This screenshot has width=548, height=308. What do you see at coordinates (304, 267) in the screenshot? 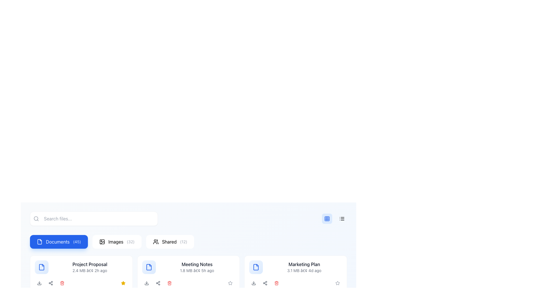
I see `the descriptive text label for the file titled 'Marketing Plan', which is the third card in a horizontal list, positioned to the right of the 'Meeting Notes' card` at bounding box center [304, 267].